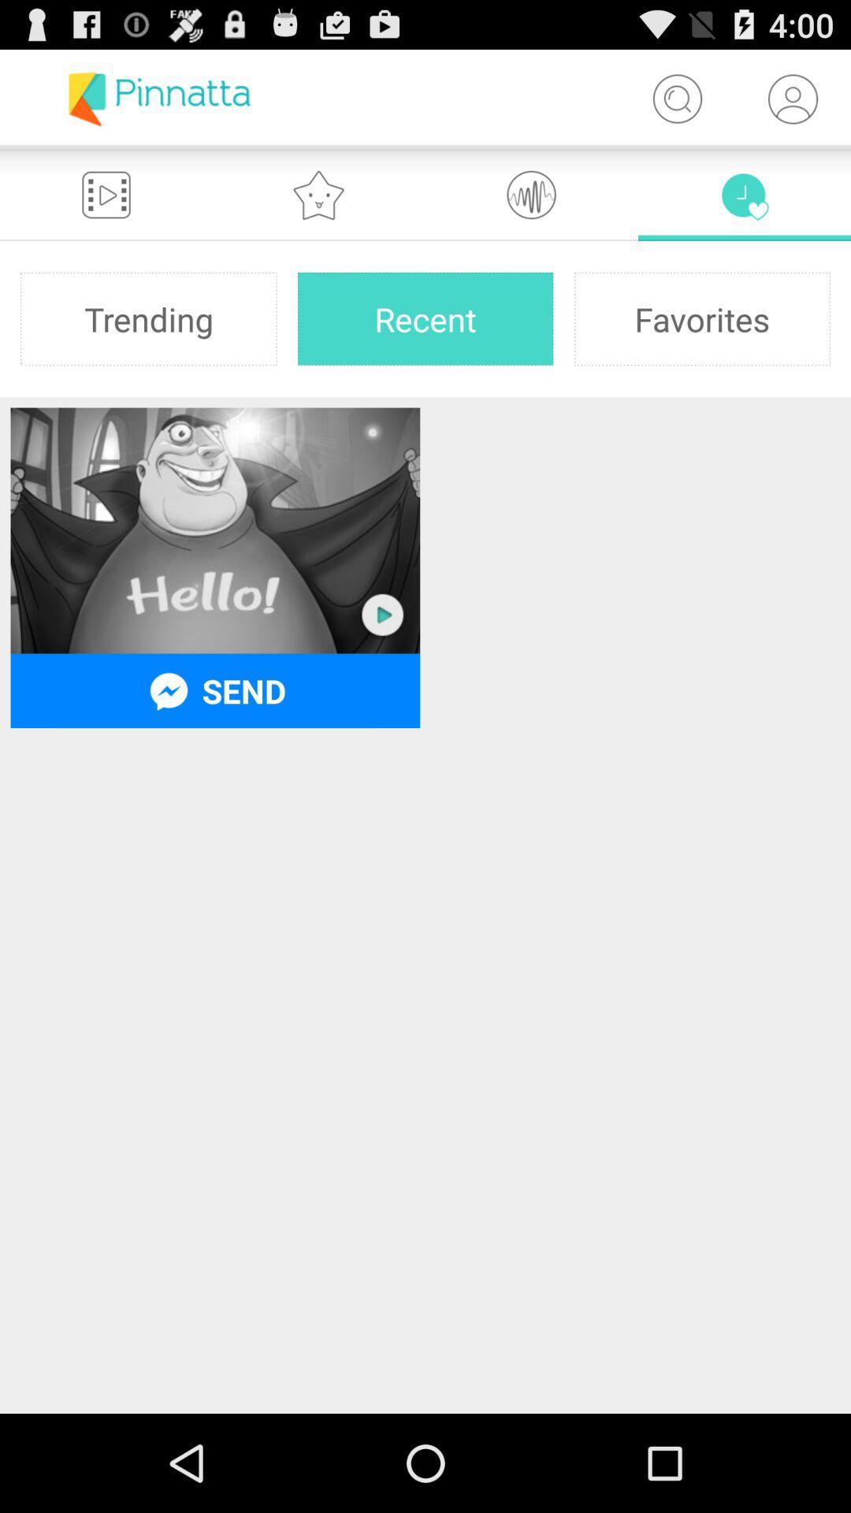 This screenshot has width=851, height=1513. What do you see at coordinates (701, 318) in the screenshot?
I see `text below clock icon` at bounding box center [701, 318].